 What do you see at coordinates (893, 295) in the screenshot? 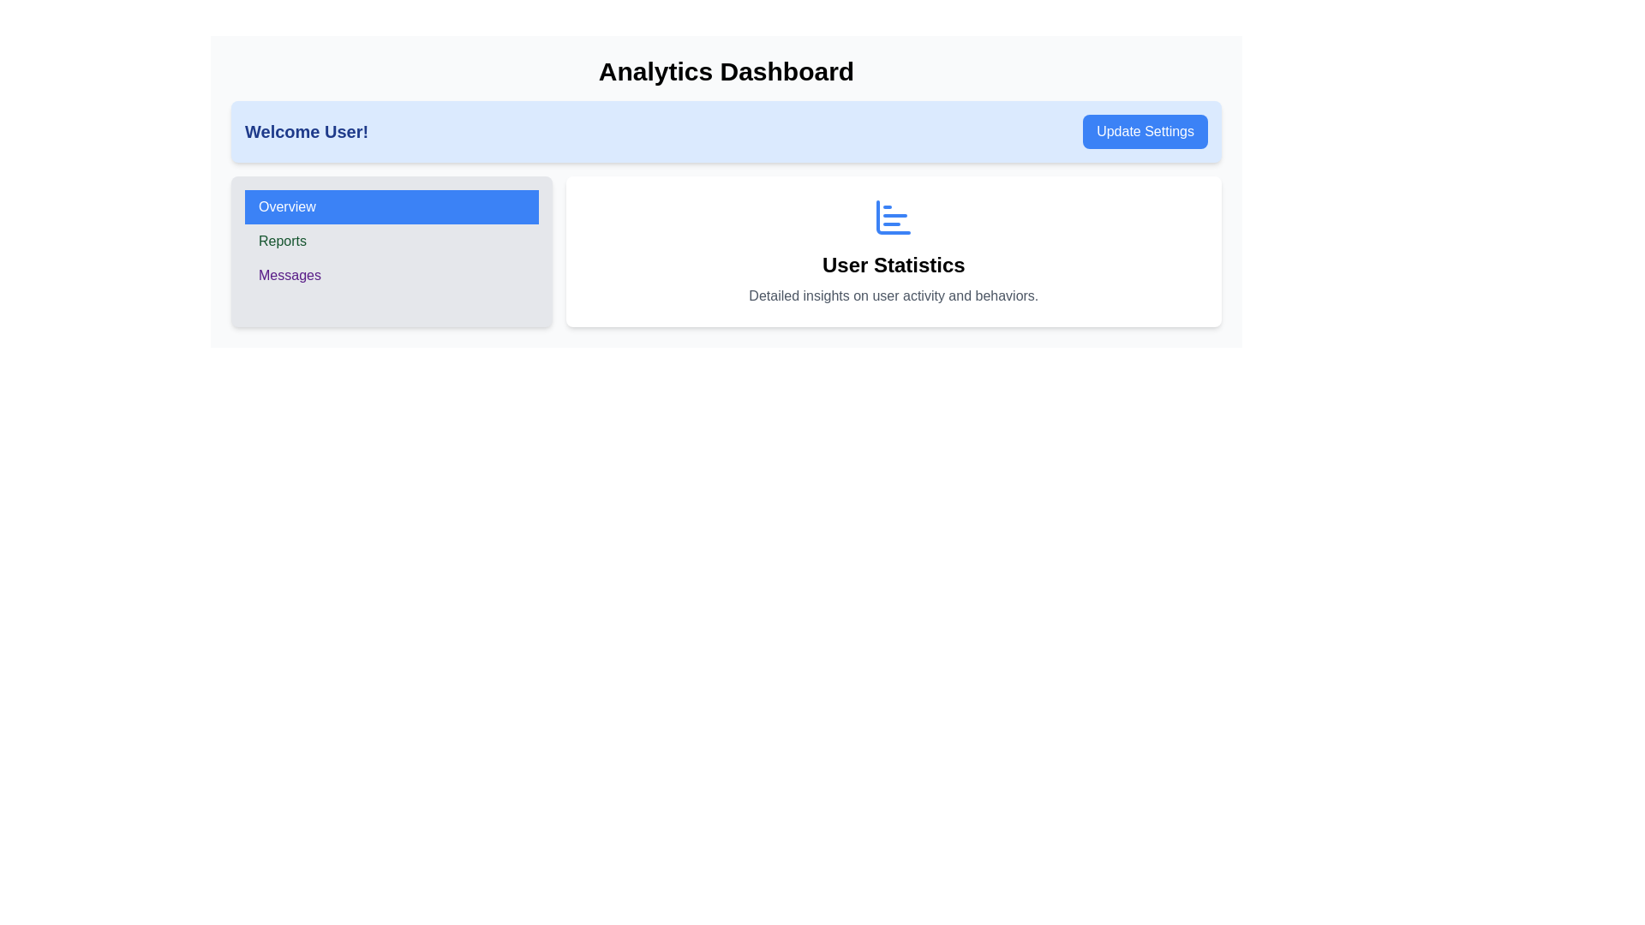
I see `the static text block reading 'Detailed insights on user activity and behaviors.' located in the 'User Statistics' section, which is styled with a gray font and centered alignment` at bounding box center [893, 295].